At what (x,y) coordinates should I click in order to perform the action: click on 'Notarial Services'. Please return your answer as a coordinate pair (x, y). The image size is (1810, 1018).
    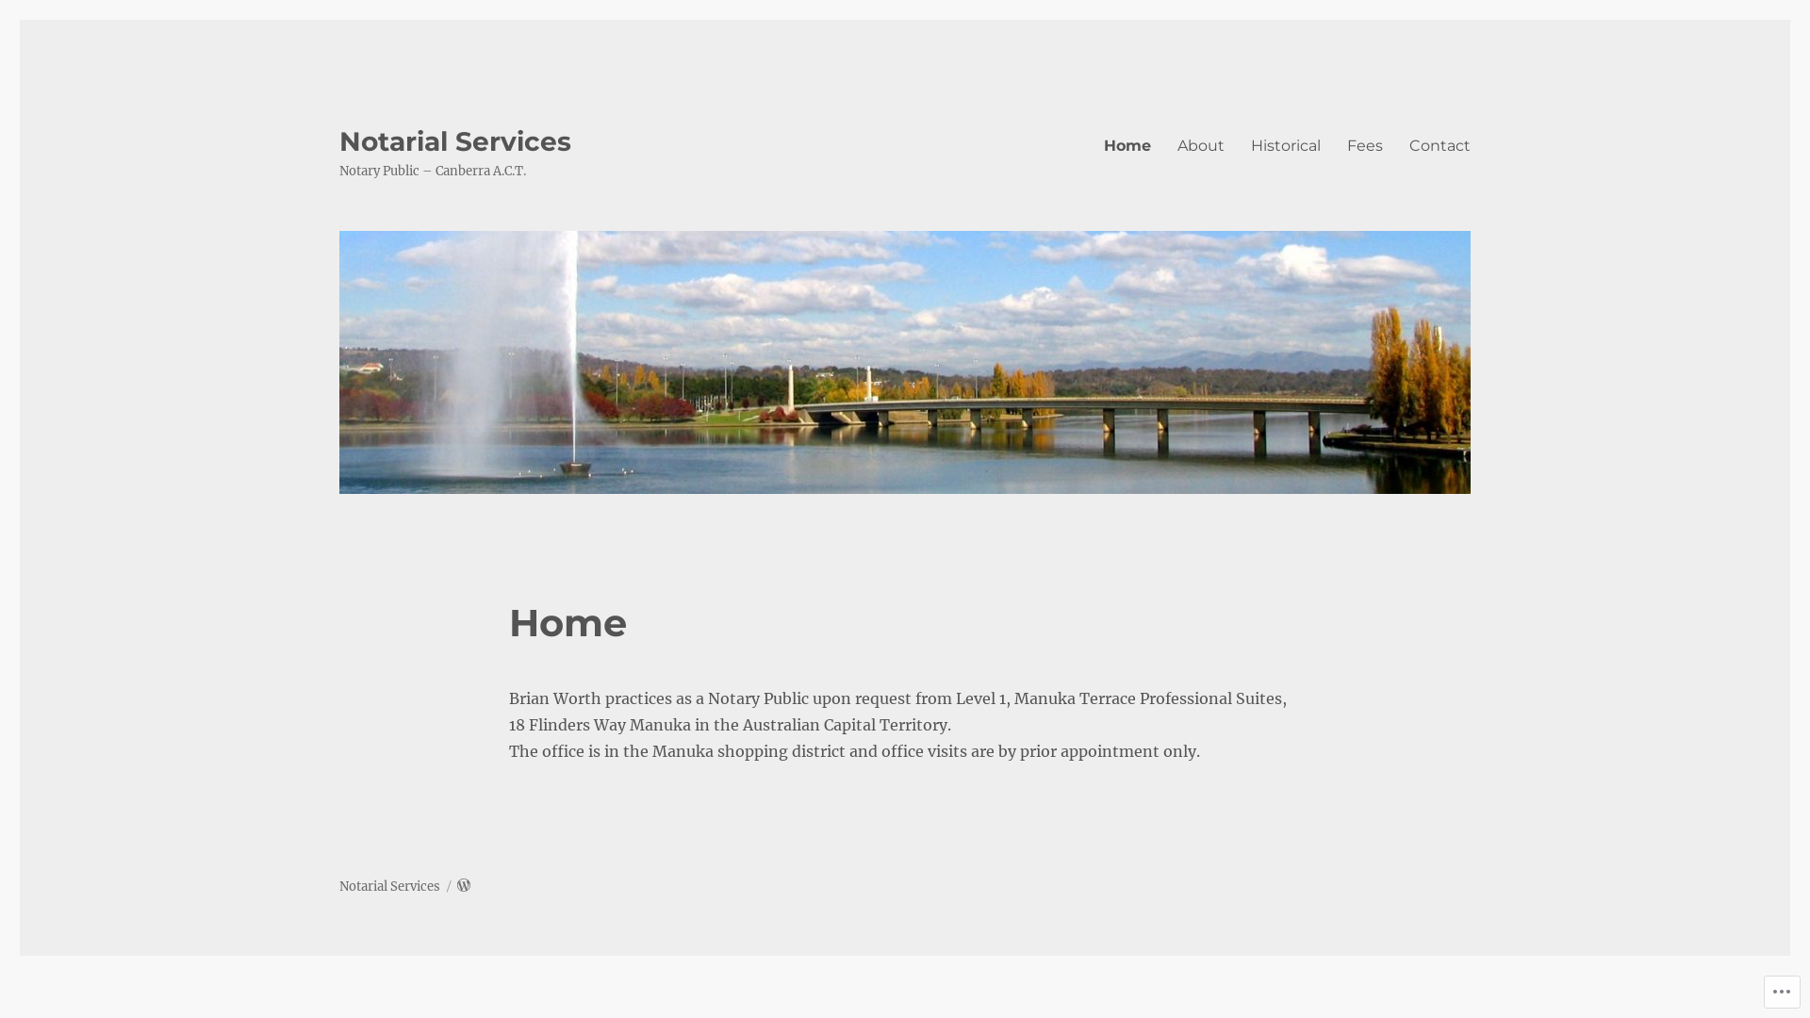
    Looking at the image, I should click on (339, 140).